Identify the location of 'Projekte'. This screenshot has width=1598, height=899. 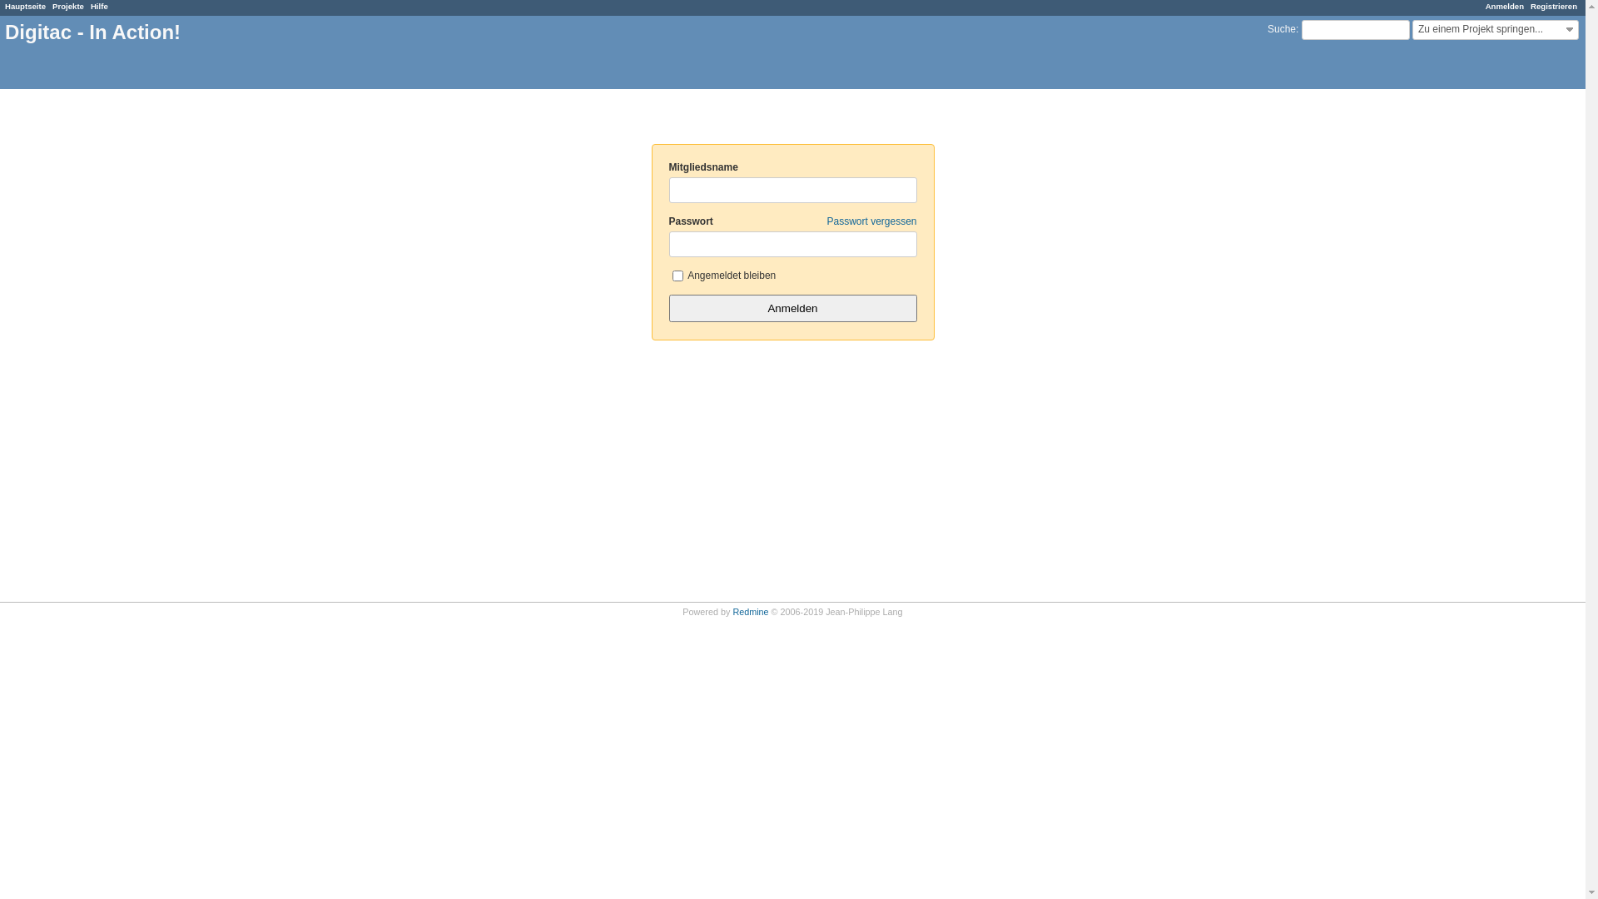
(67, 6).